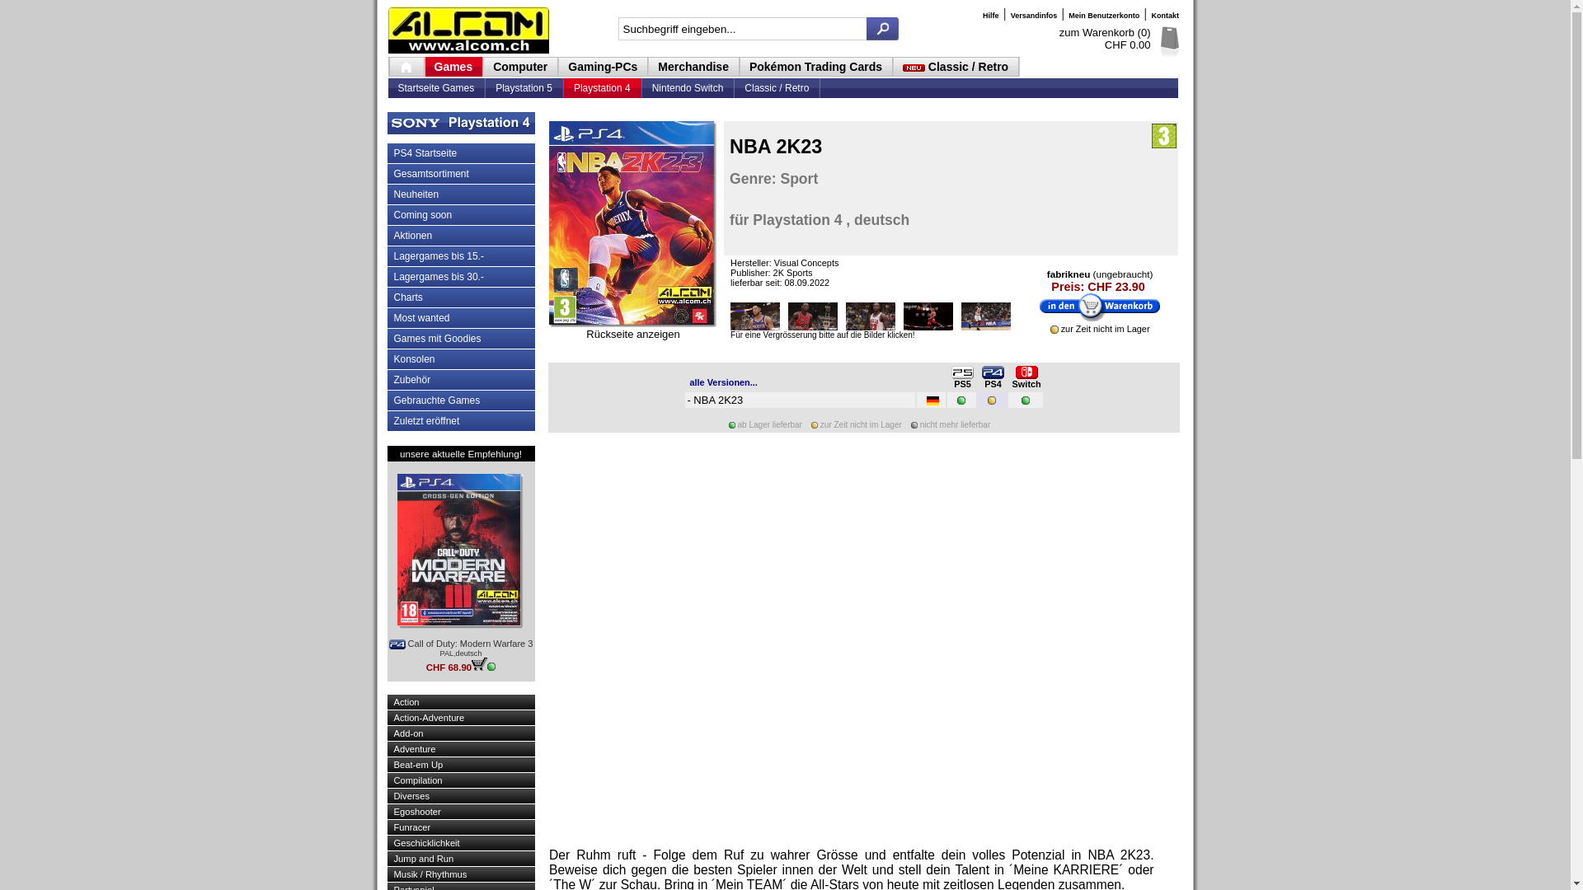  I want to click on 'nicht mehr lieferbar', so click(913, 424).